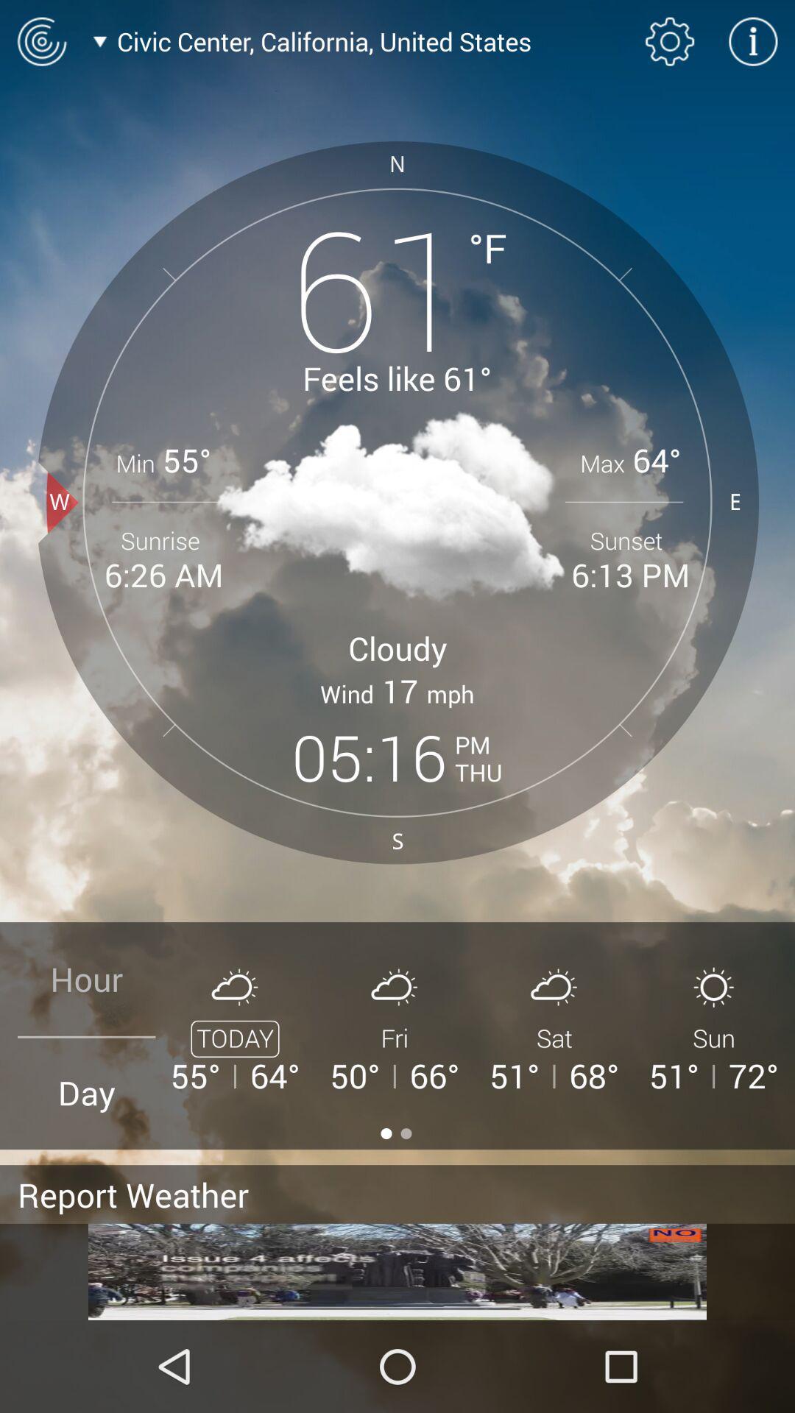  What do you see at coordinates (40, 41) in the screenshot?
I see `the visibility icon` at bounding box center [40, 41].